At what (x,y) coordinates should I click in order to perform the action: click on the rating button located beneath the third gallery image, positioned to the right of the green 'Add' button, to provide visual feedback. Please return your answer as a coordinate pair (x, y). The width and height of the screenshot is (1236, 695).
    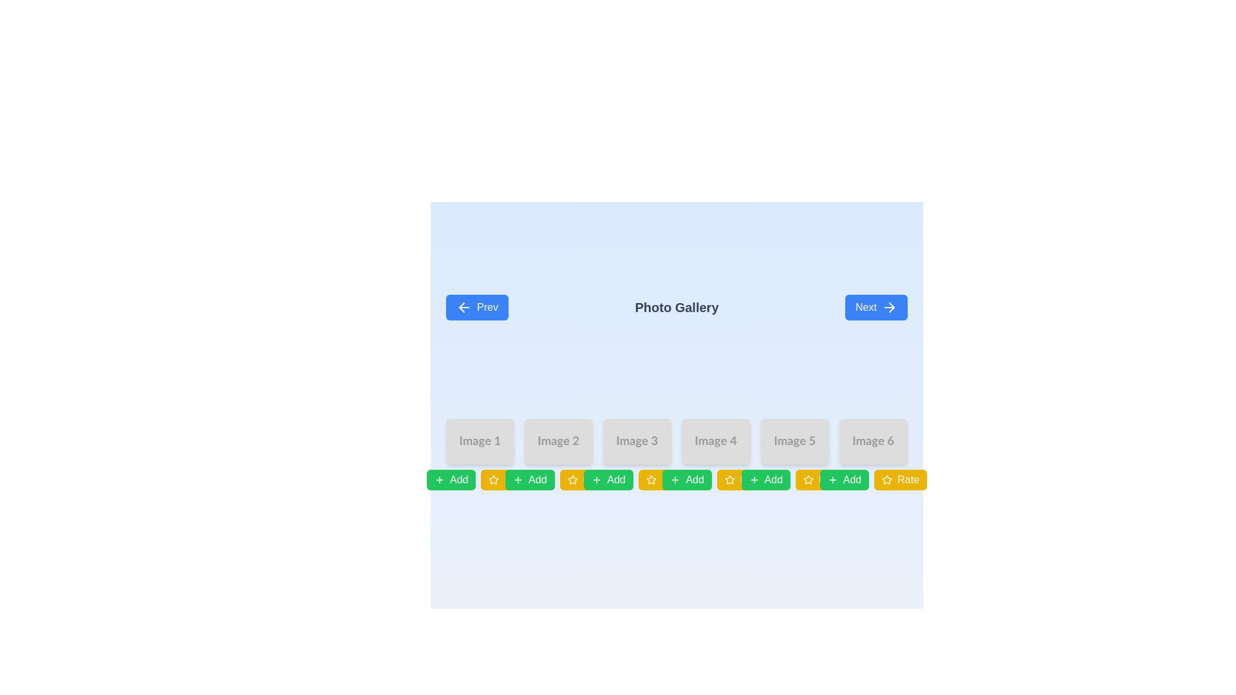
    Looking at the image, I should click on (637, 479).